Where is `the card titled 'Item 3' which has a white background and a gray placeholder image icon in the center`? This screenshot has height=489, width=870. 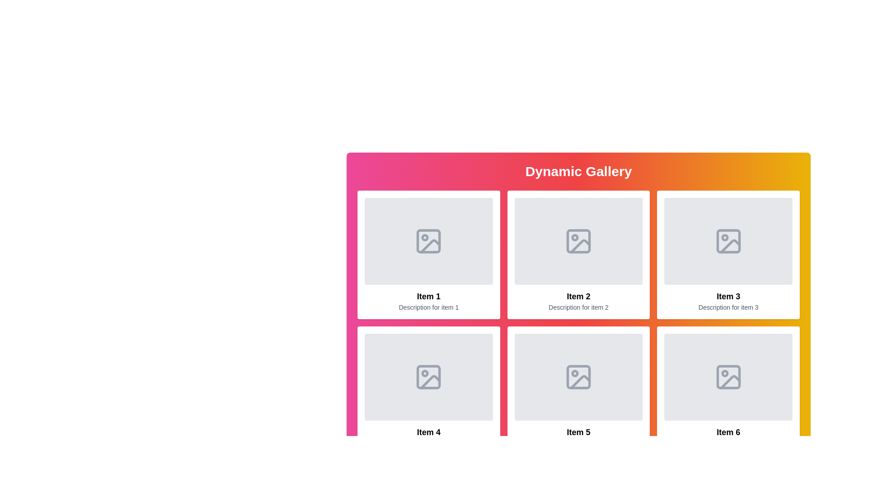 the card titled 'Item 3' which has a white background and a gray placeholder image icon in the center is located at coordinates (728, 255).